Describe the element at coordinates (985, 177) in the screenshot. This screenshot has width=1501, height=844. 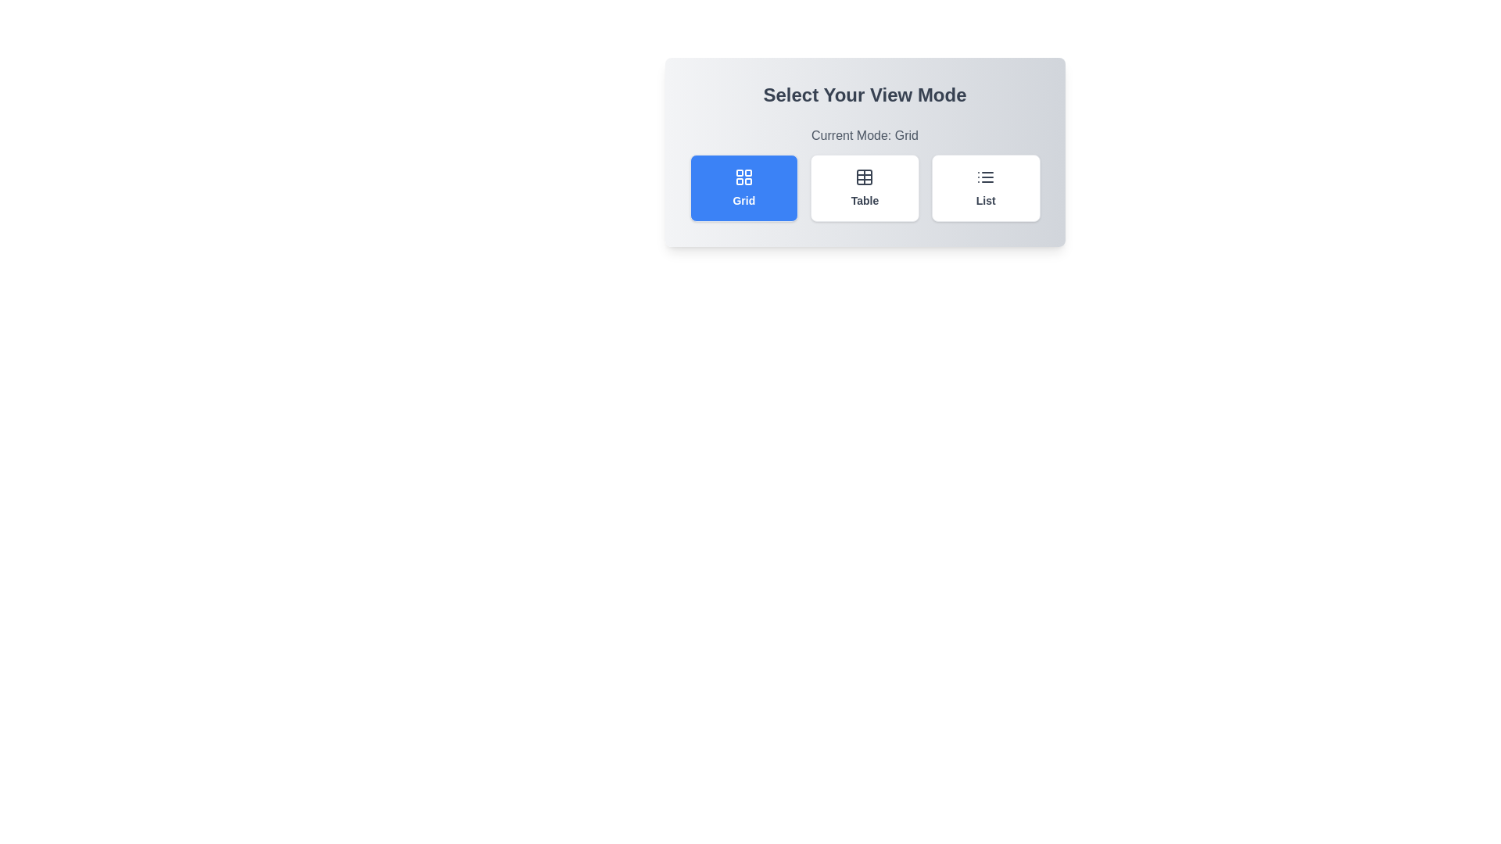
I see `the 'List' view mode icon, which is the third button in a horizontal group of three buttons labeled 'Grid', 'Table', and 'List' under the heading 'Select Your View Mode'` at that location.